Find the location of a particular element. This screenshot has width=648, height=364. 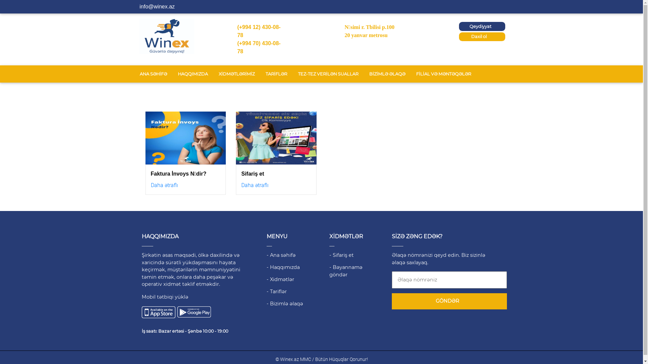

'(+994 70) 430-08-78' is located at coordinates (259, 47).